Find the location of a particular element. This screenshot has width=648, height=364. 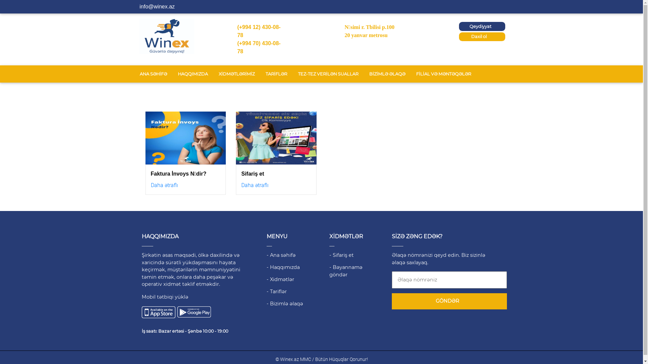

'(+994 70) 430-08-78' is located at coordinates (259, 47).